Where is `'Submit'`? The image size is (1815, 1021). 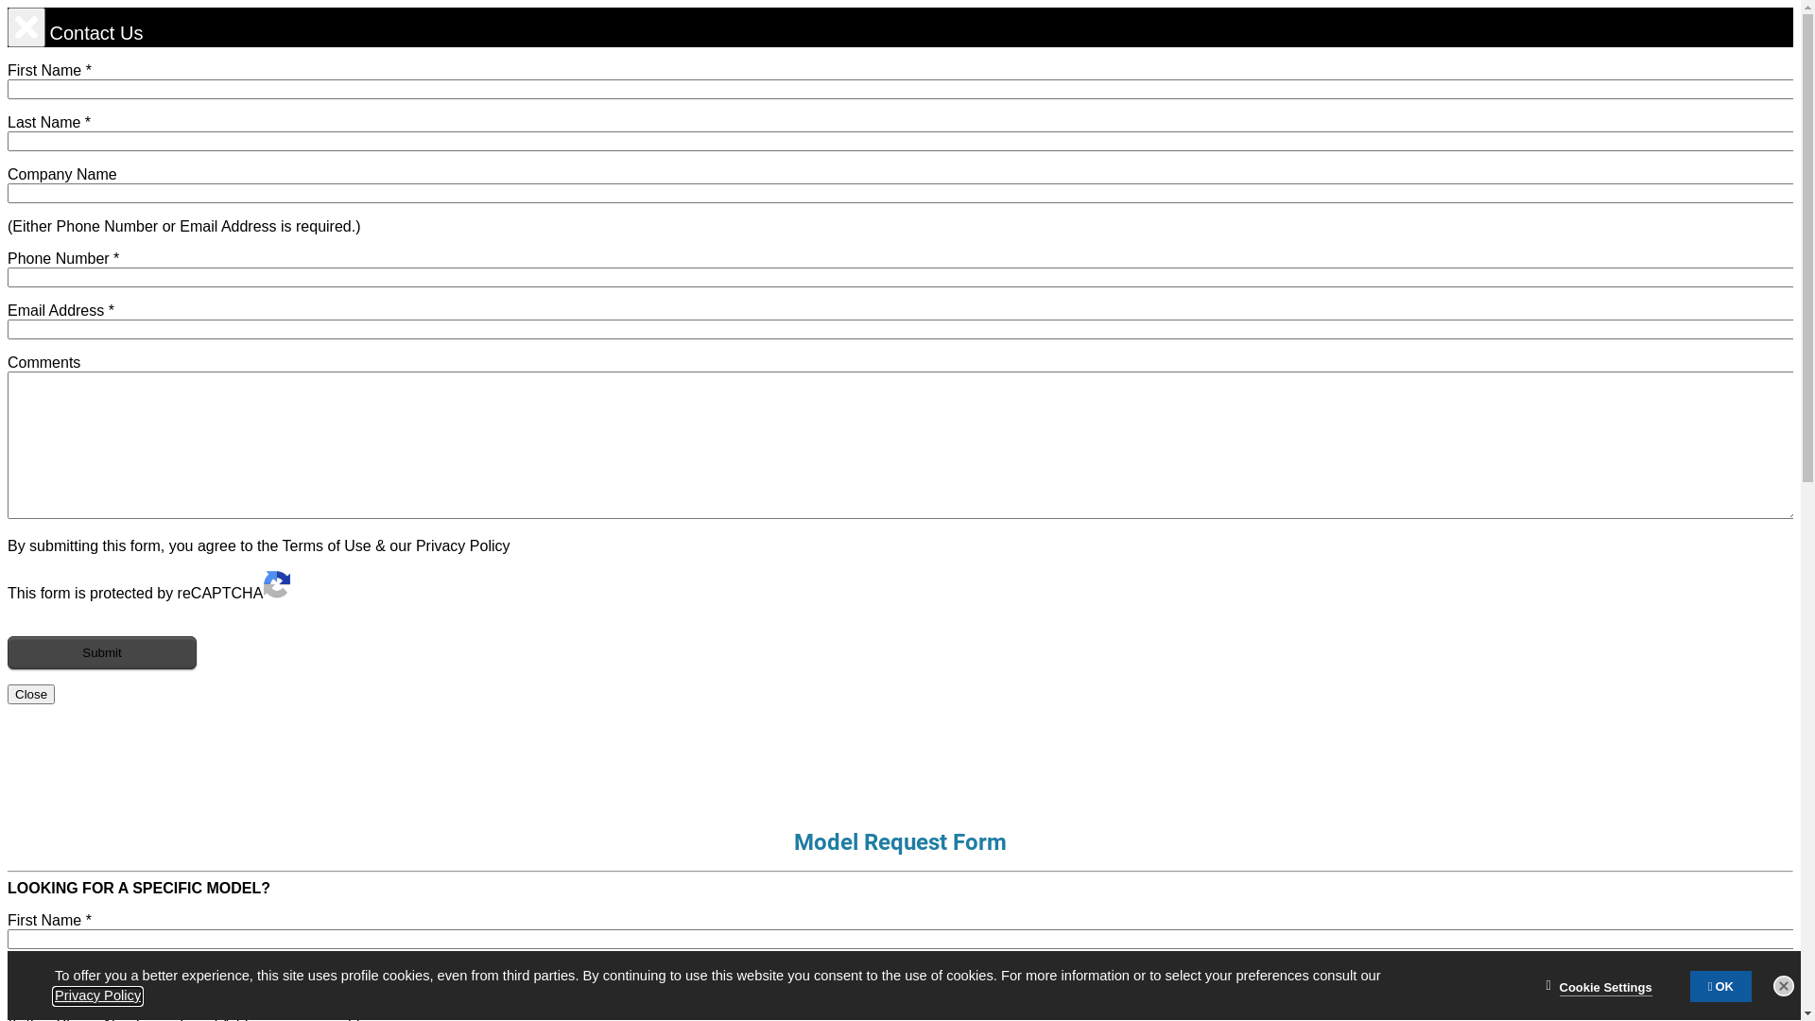 'Submit' is located at coordinates (8, 651).